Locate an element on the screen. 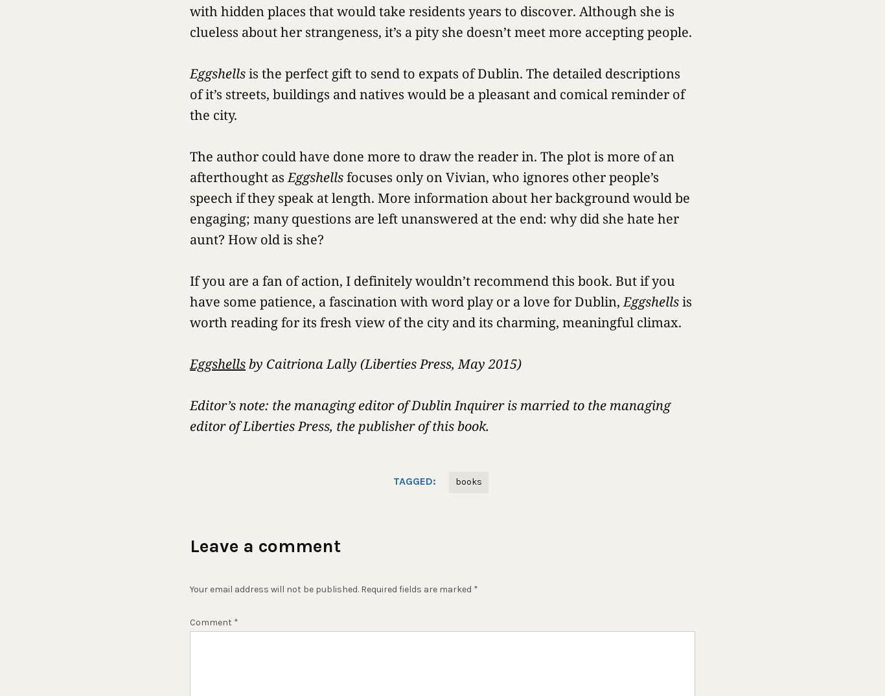 The image size is (885, 696). 'Comment' is located at coordinates (212, 621).